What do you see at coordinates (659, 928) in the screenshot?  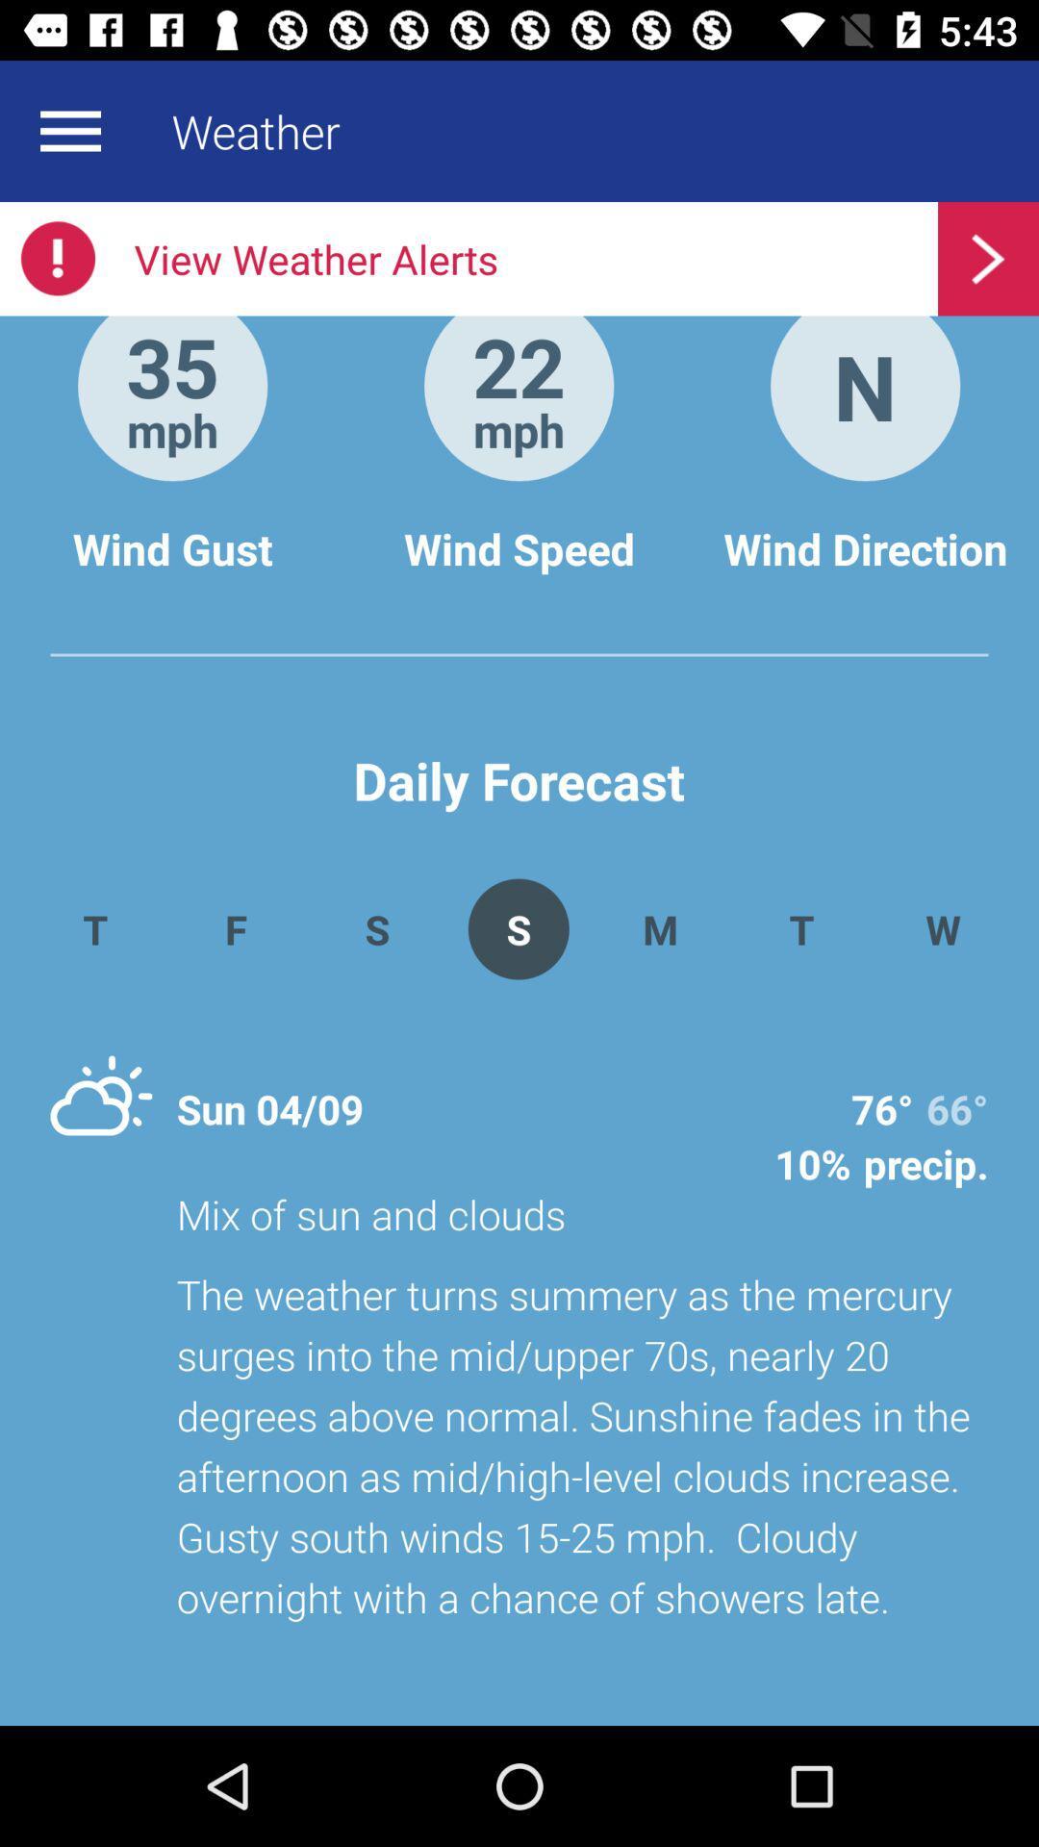 I see `the icon to the left of the t` at bounding box center [659, 928].